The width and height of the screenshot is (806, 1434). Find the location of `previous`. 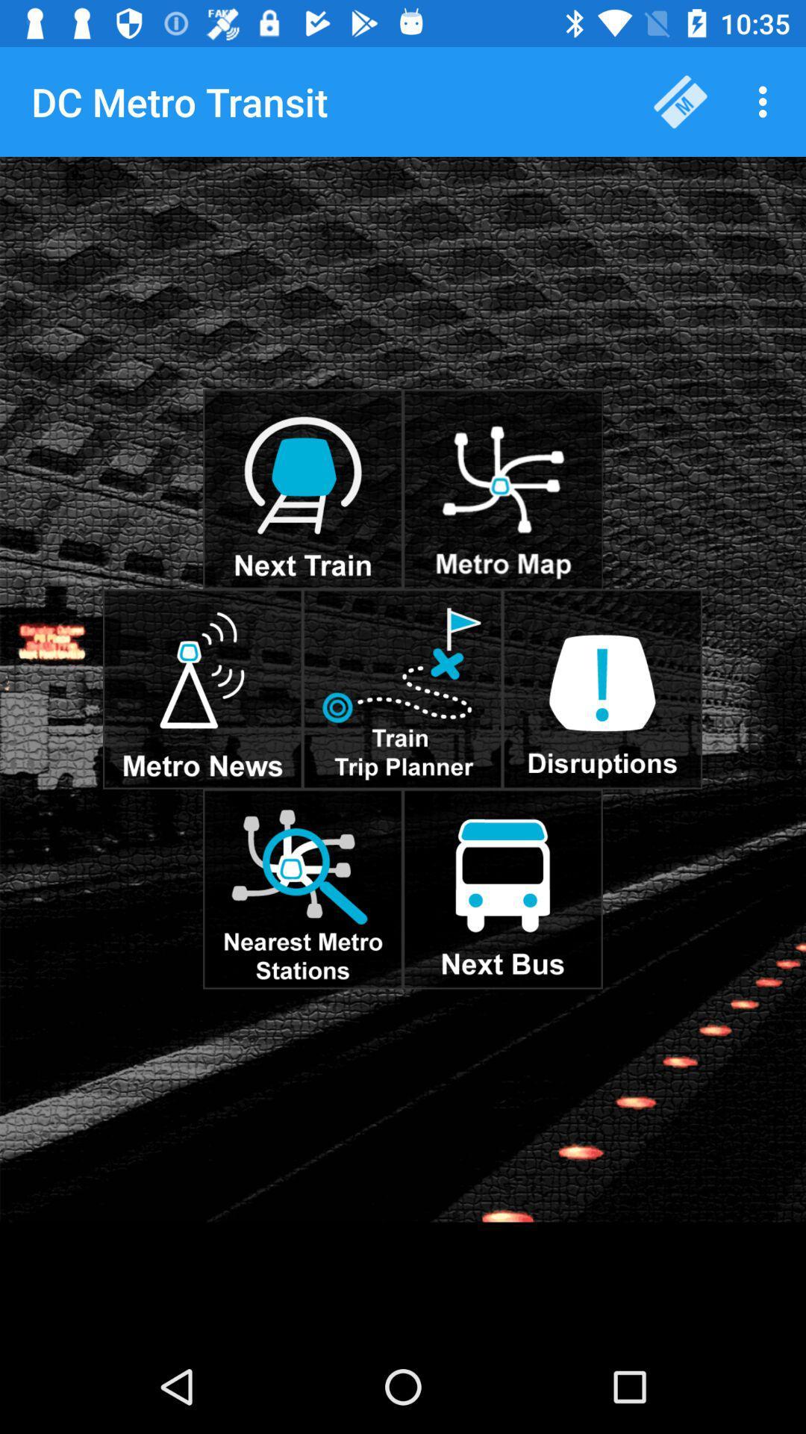

previous is located at coordinates (502, 489).